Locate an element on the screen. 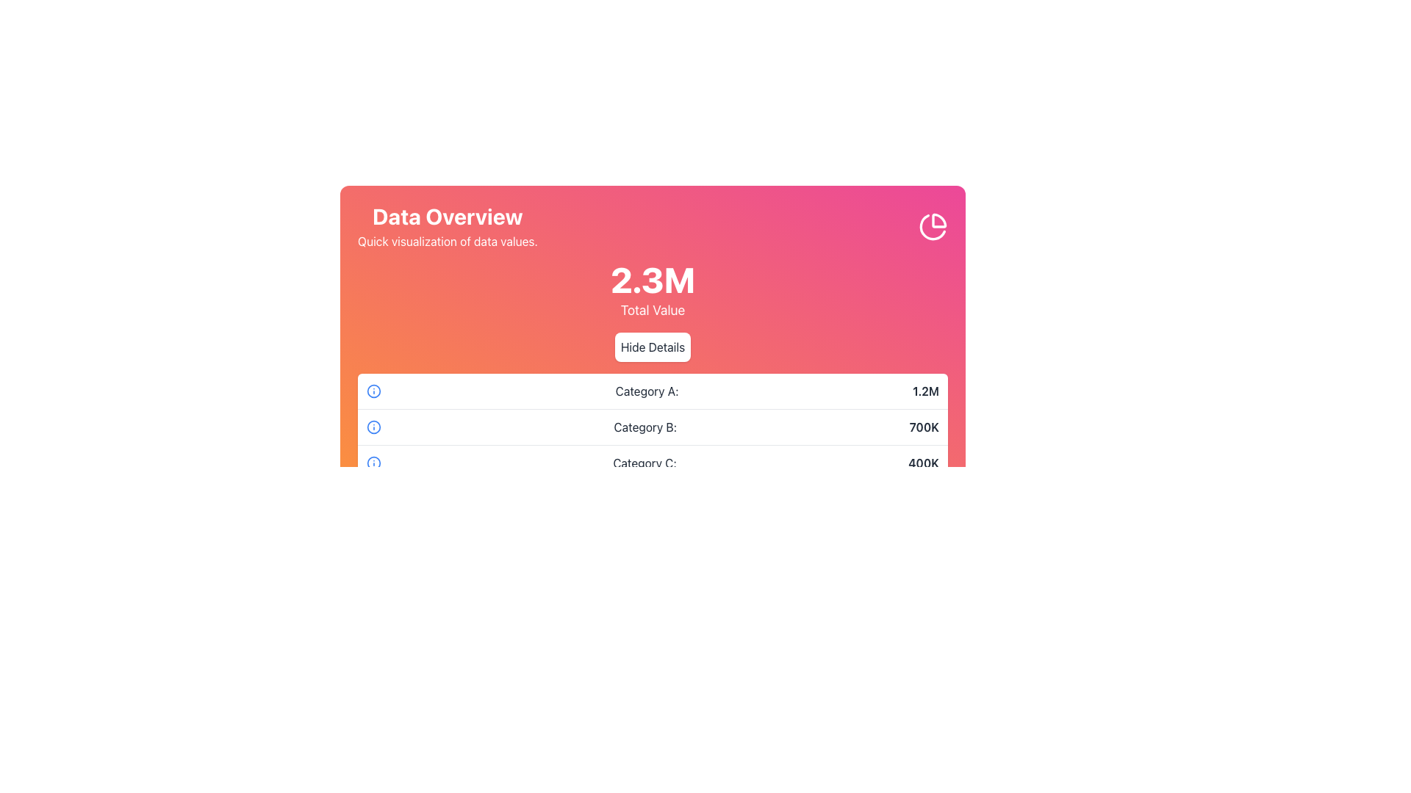  the information icon aligned with 'Category B: 700K' for accessibility navigation is located at coordinates (373, 427).